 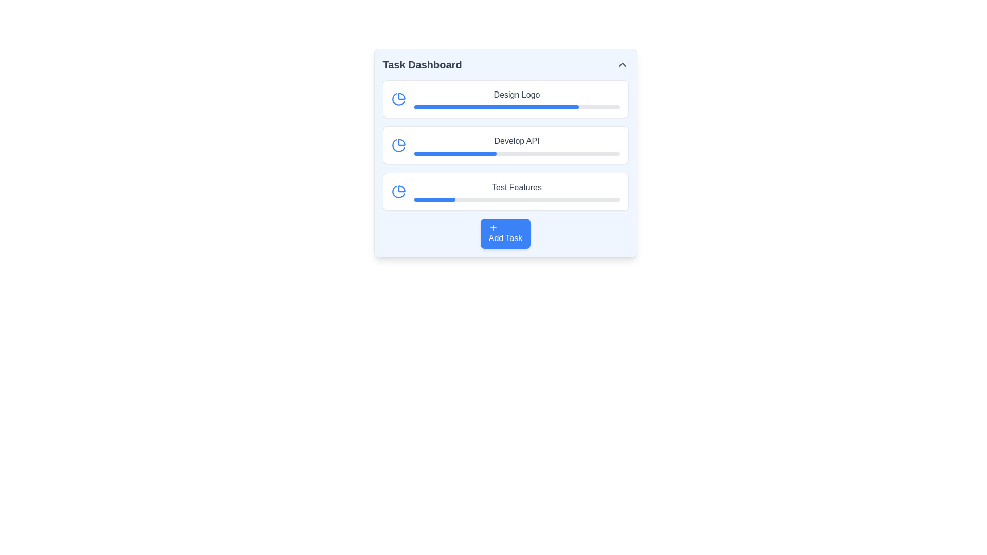 What do you see at coordinates (517, 95) in the screenshot?
I see `the 'Design Logo' text label, which is a medium-sized, dark gray font located at the top of a task card within the task dashboard` at bounding box center [517, 95].